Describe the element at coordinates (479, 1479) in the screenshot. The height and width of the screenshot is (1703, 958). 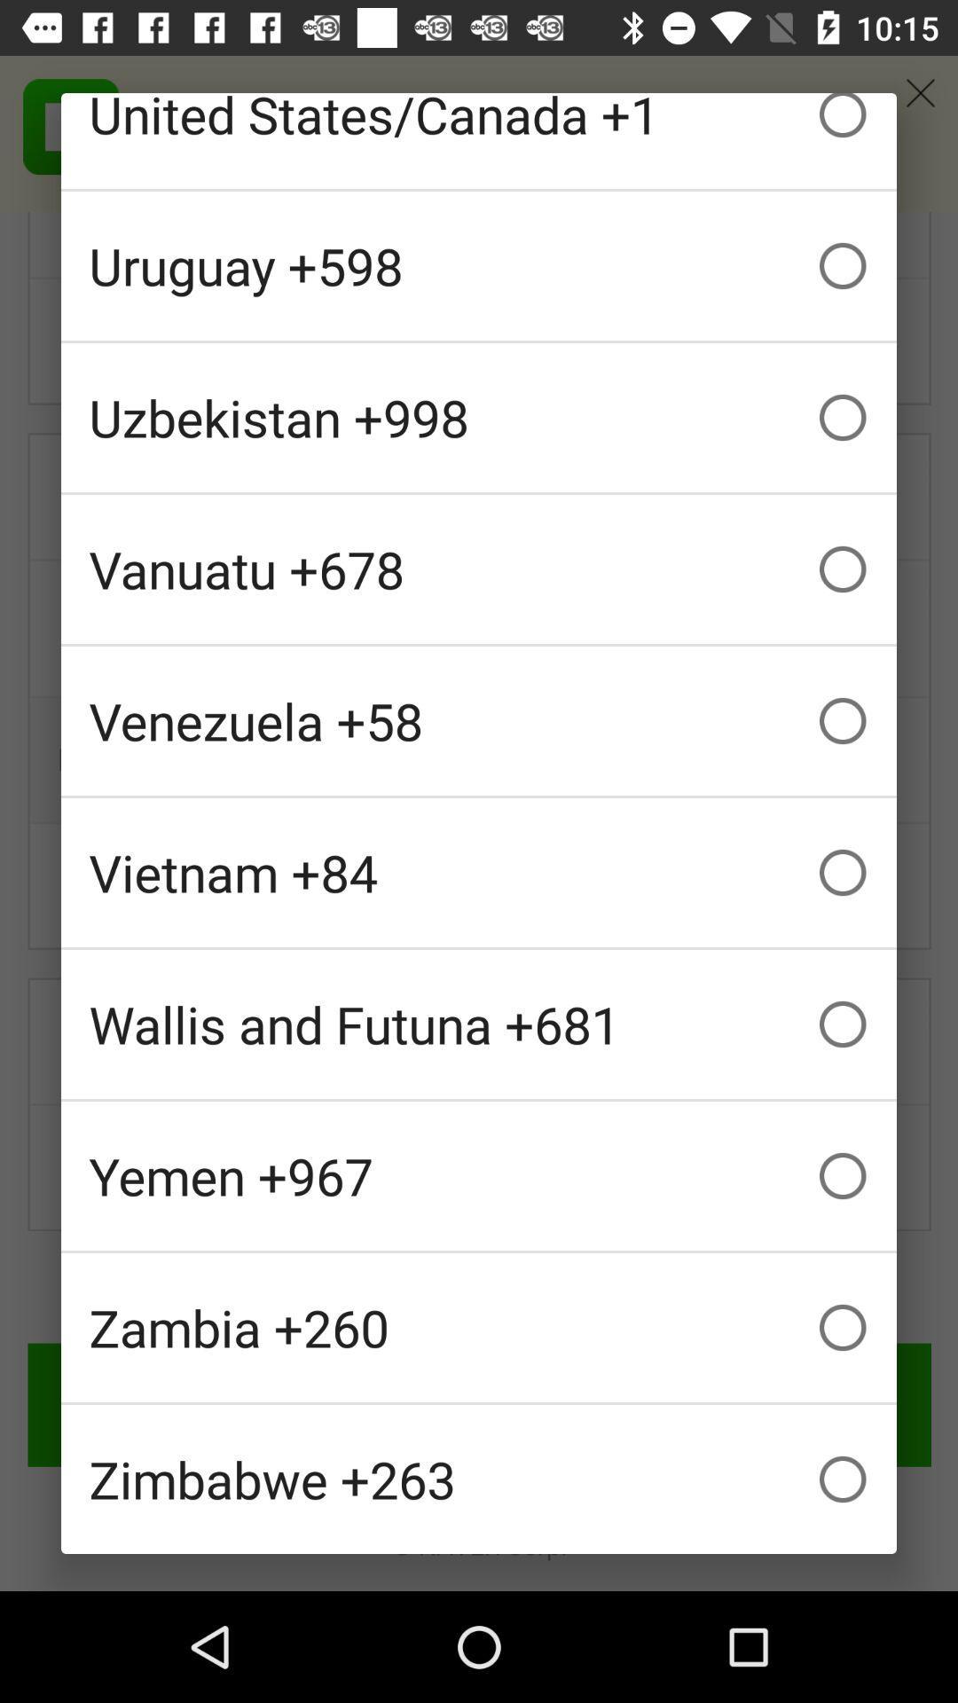
I see `item below the zambia +260 checkbox` at that location.